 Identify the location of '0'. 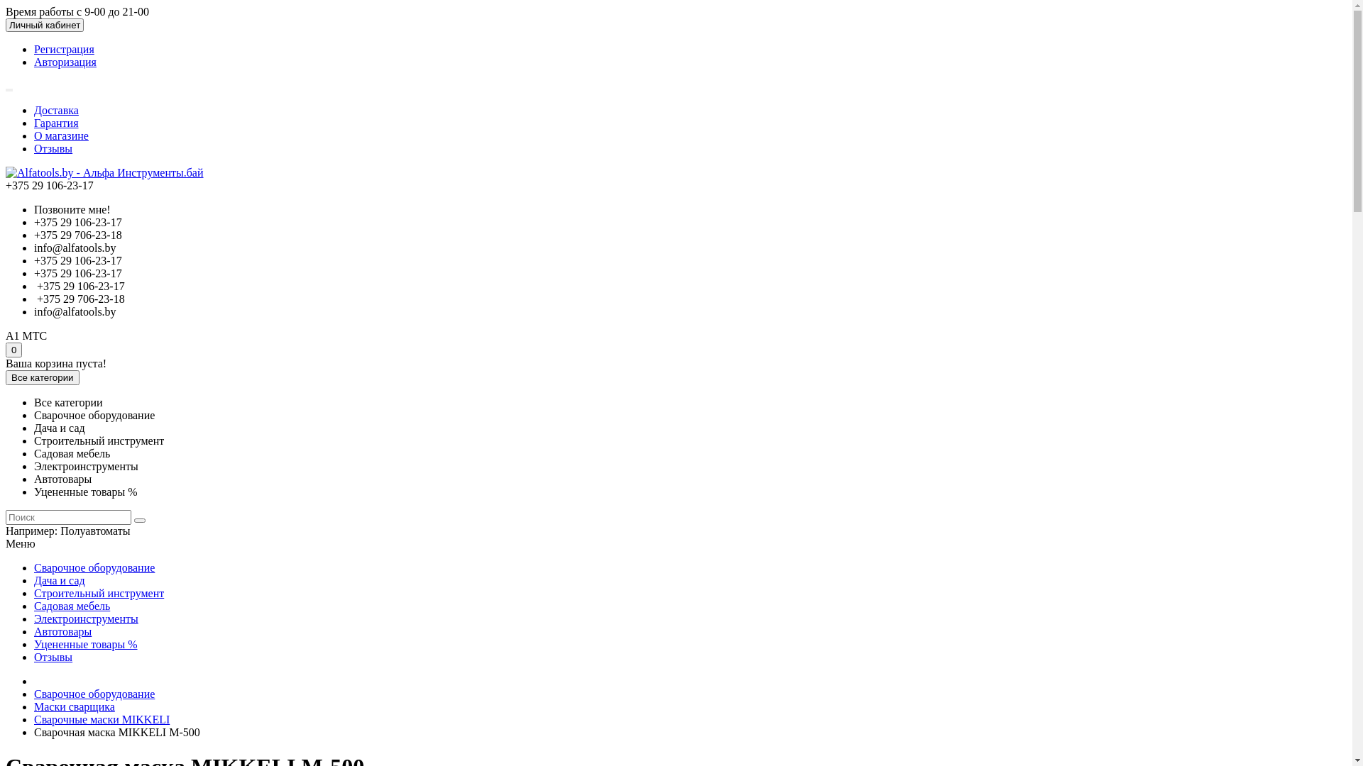
(13, 350).